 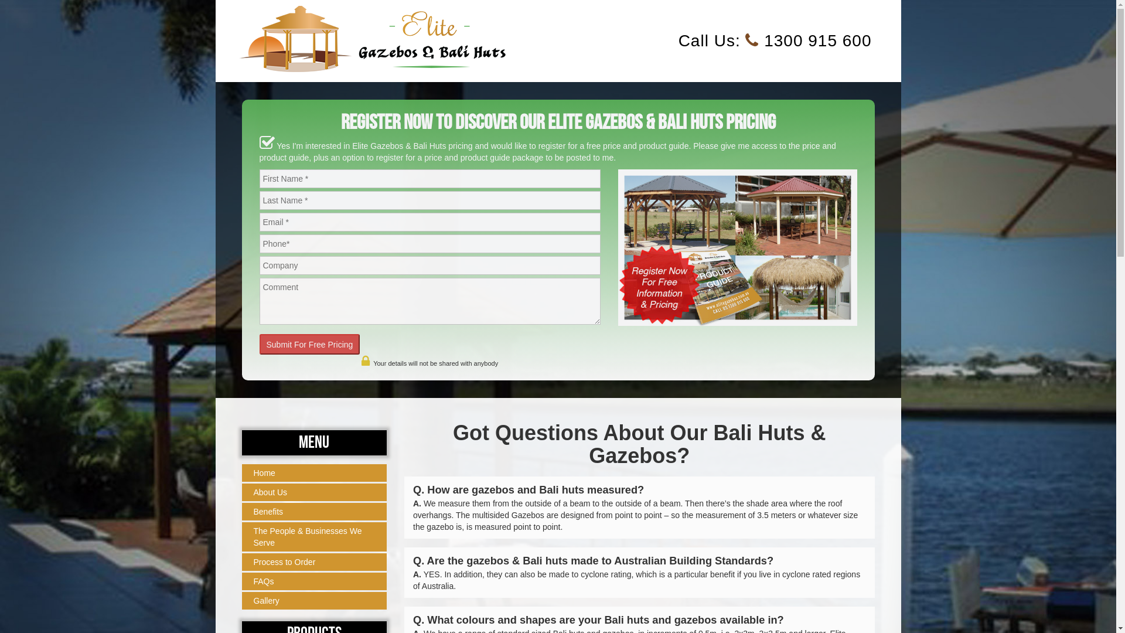 What do you see at coordinates (258, 343) in the screenshot?
I see `'Submit For Free Pricing'` at bounding box center [258, 343].